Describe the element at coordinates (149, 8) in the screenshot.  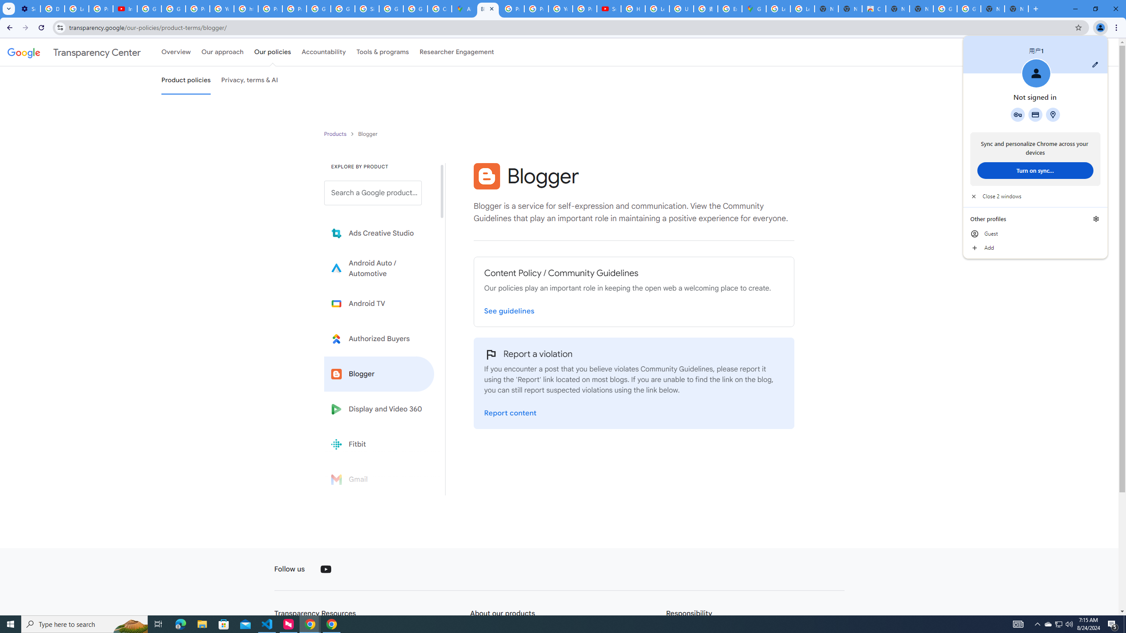
I see `'Google Account Help'` at that location.